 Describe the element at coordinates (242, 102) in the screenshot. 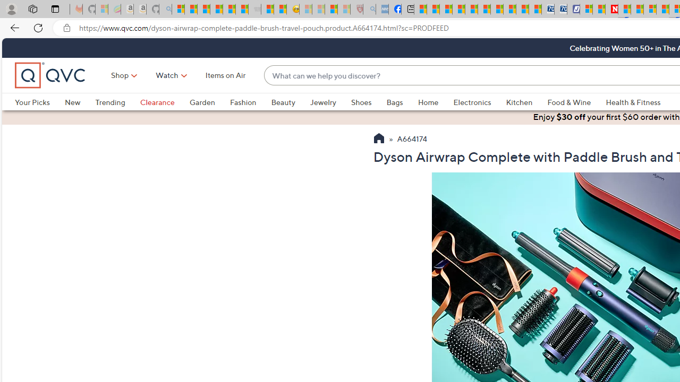

I see `'Fashion'` at that location.